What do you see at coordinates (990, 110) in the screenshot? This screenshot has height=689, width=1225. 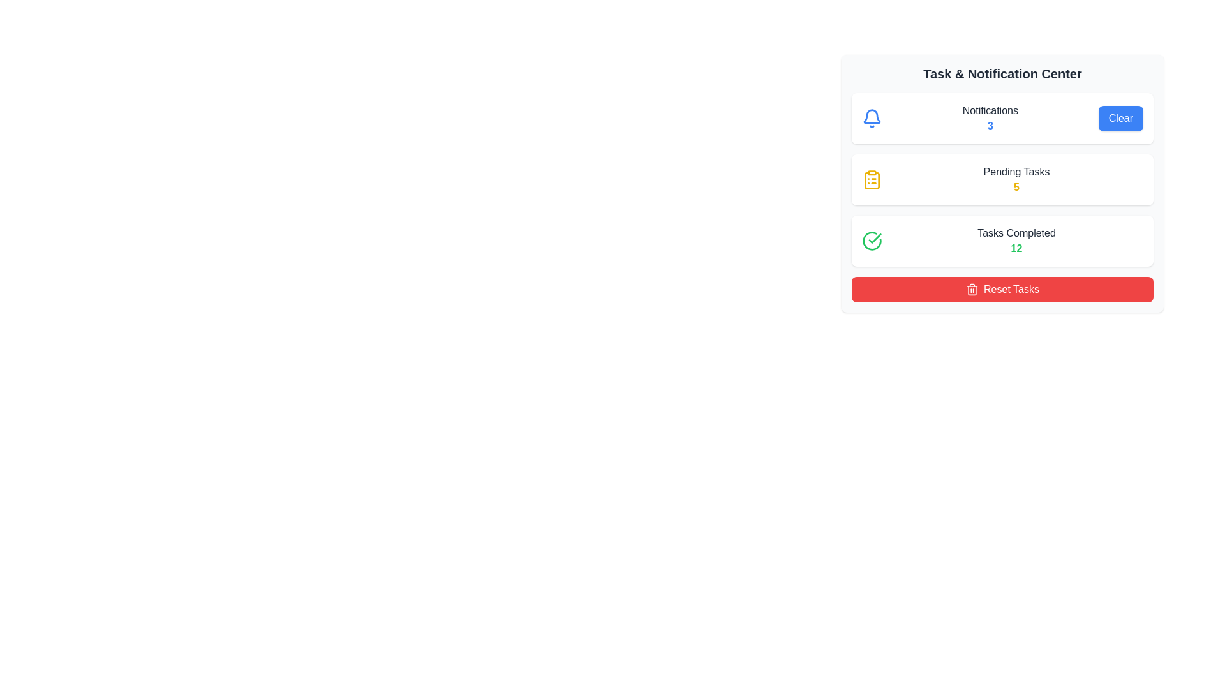 I see `the static text label 'Notifications' which is styled in gray and located at the top of the notification panel, positioned to the right of the notification bell icon` at bounding box center [990, 110].